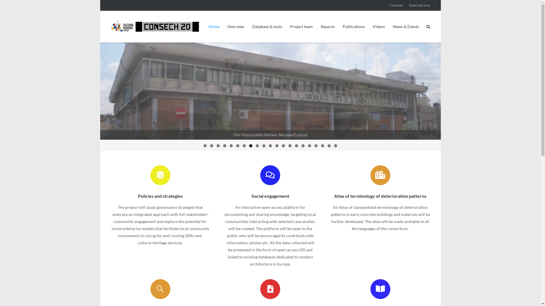 Image resolution: width=545 pixels, height=306 pixels. I want to click on '14', so click(290, 145).